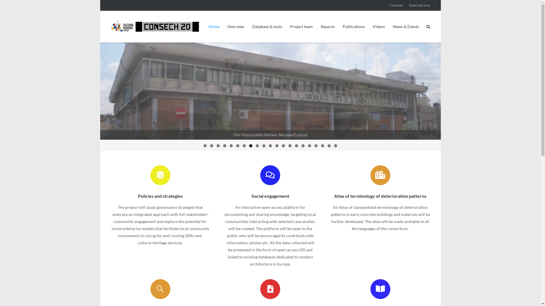 Image resolution: width=545 pixels, height=306 pixels. I want to click on '14', so click(290, 145).